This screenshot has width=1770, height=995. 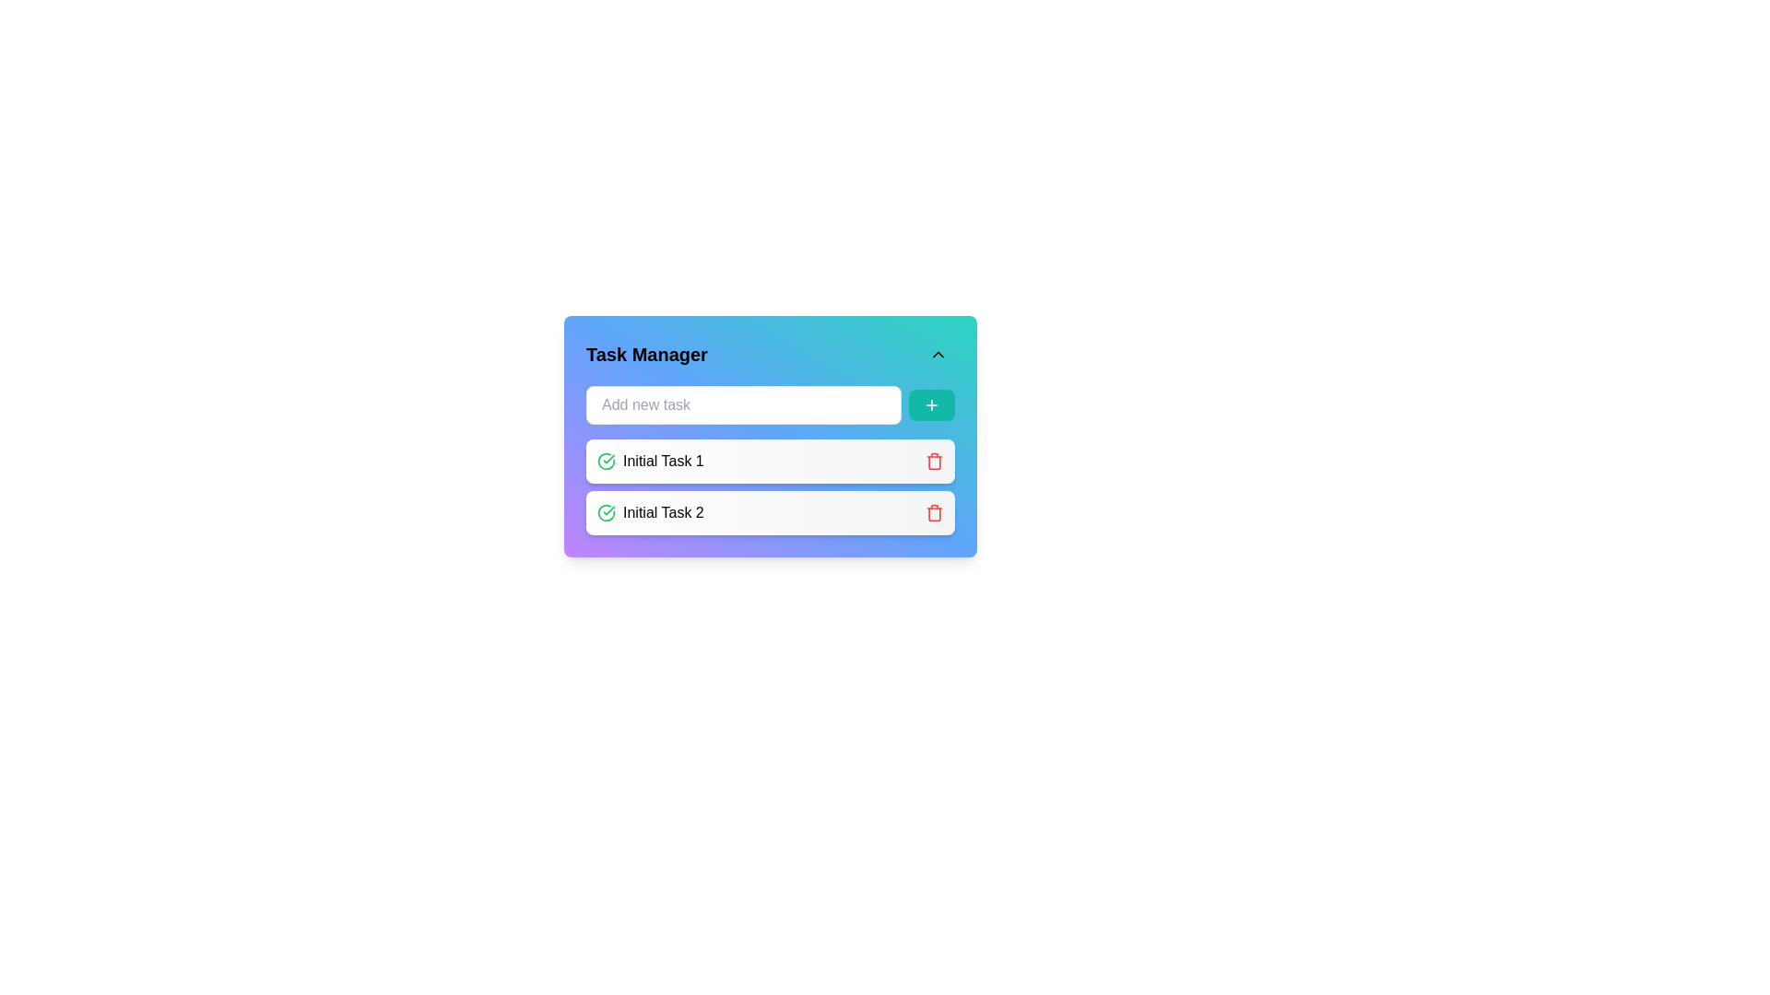 What do you see at coordinates (932, 404) in the screenshot?
I see `the plus icon button located near the top-right corner of the task management panel` at bounding box center [932, 404].